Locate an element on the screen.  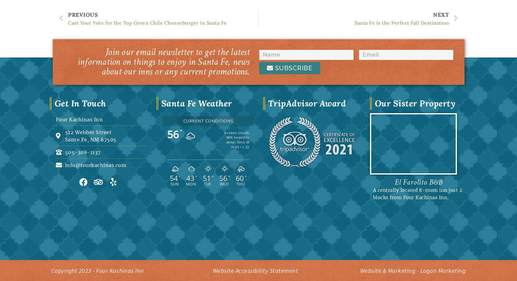
'Wed' is located at coordinates (223, 184).